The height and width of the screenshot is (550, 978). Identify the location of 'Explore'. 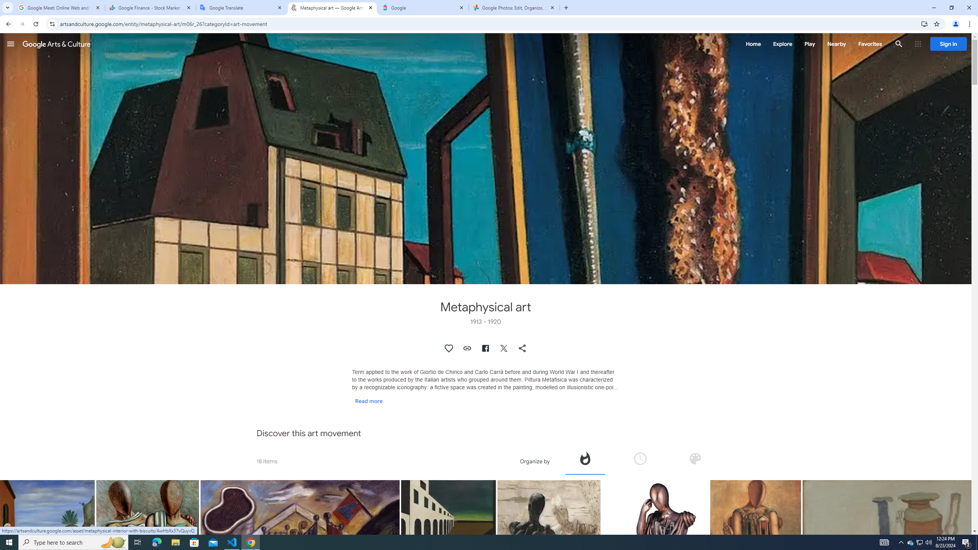
(782, 44).